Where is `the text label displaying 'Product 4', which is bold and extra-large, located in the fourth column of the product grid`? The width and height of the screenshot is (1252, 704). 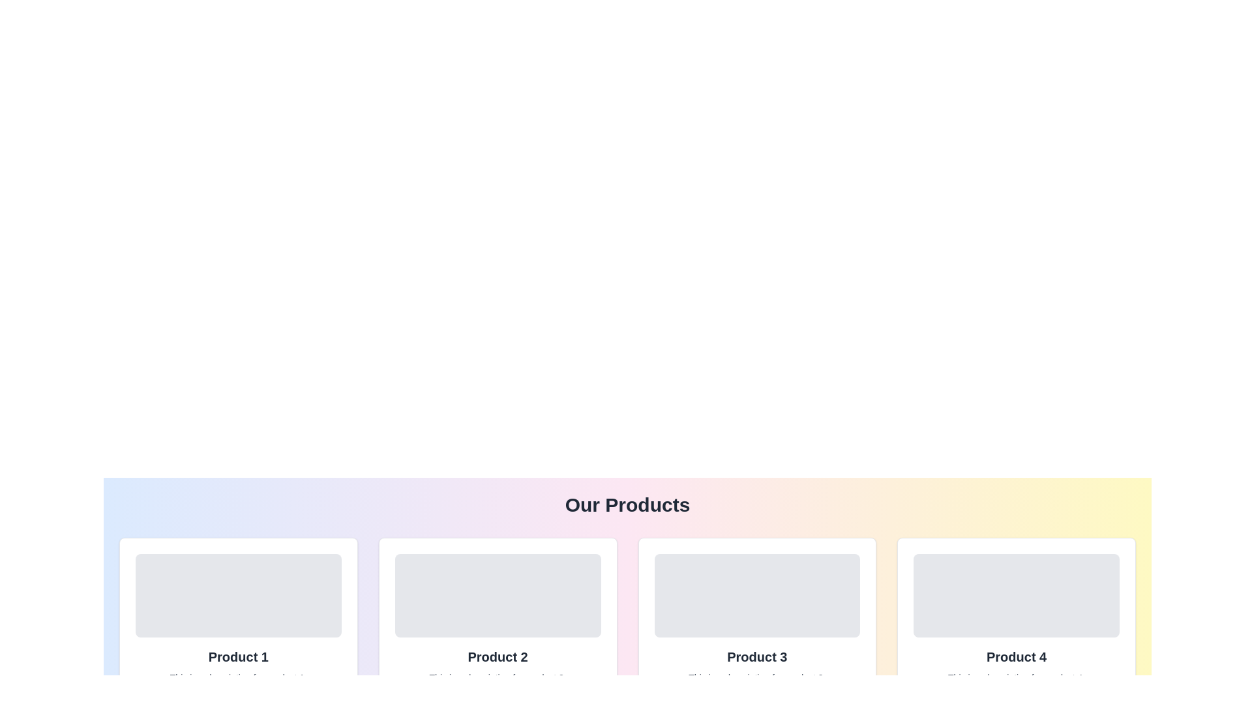
the text label displaying 'Product 4', which is bold and extra-large, located in the fourth column of the product grid is located at coordinates (1016, 656).